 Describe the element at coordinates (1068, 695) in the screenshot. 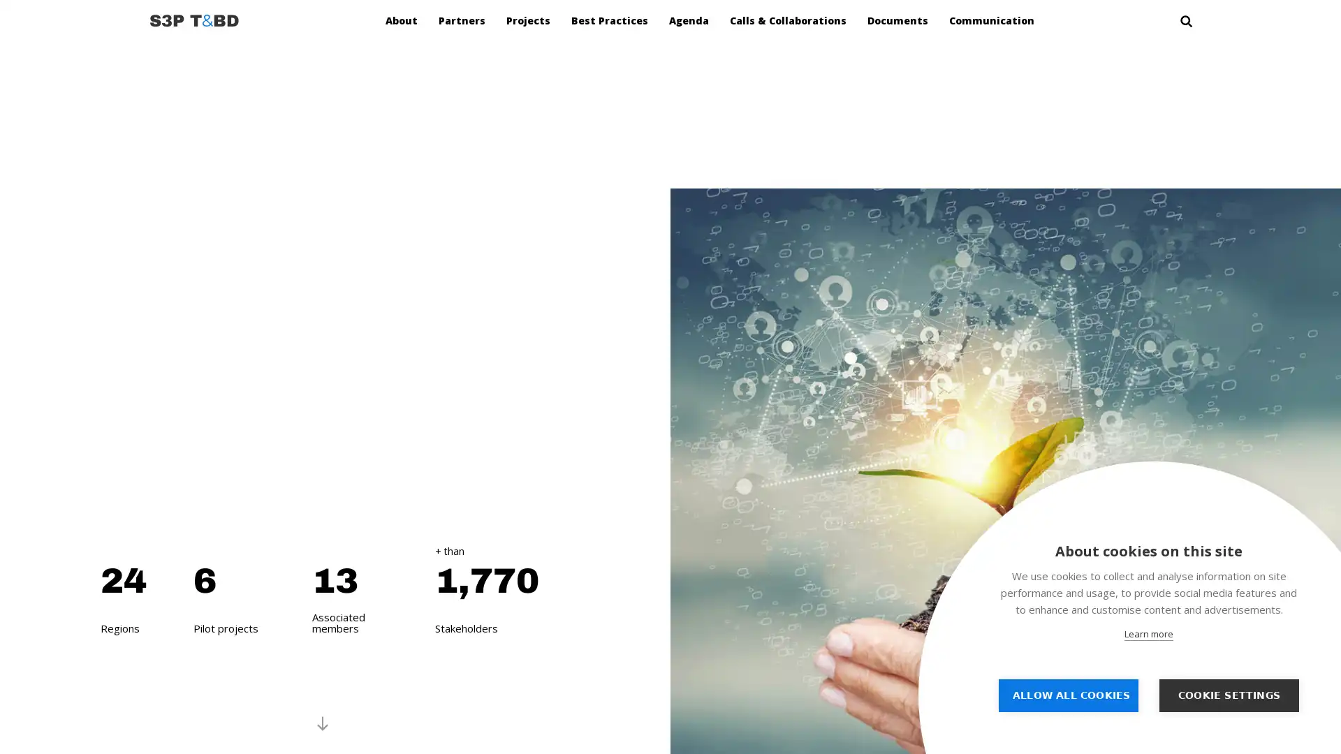

I see `ALLOW ALL COOKIES` at that location.